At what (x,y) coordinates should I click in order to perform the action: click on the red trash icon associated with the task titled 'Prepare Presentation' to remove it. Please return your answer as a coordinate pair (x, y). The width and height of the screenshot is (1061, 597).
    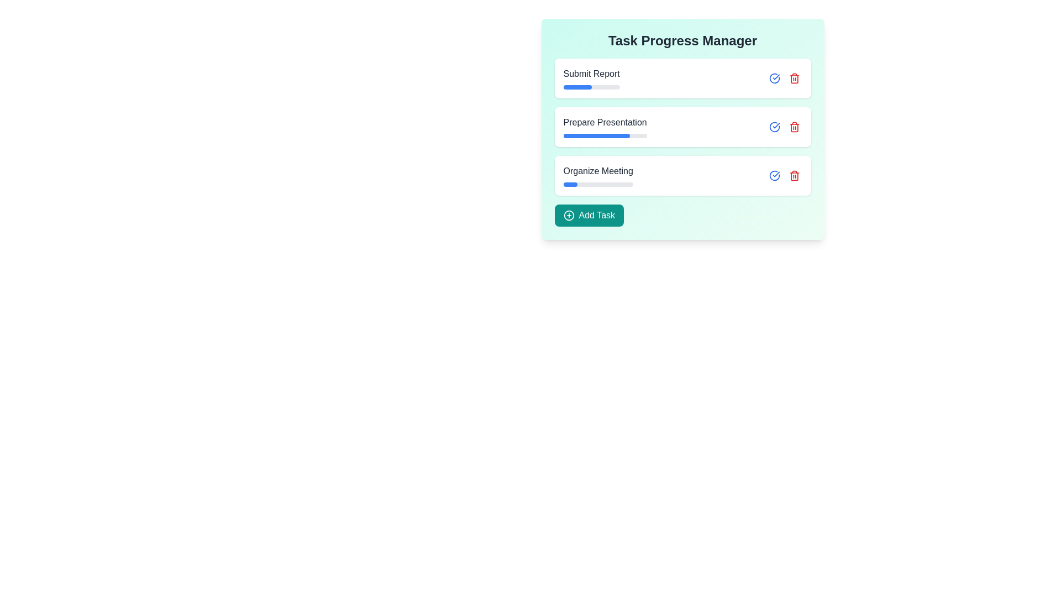
    Looking at the image, I should click on (794, 127).